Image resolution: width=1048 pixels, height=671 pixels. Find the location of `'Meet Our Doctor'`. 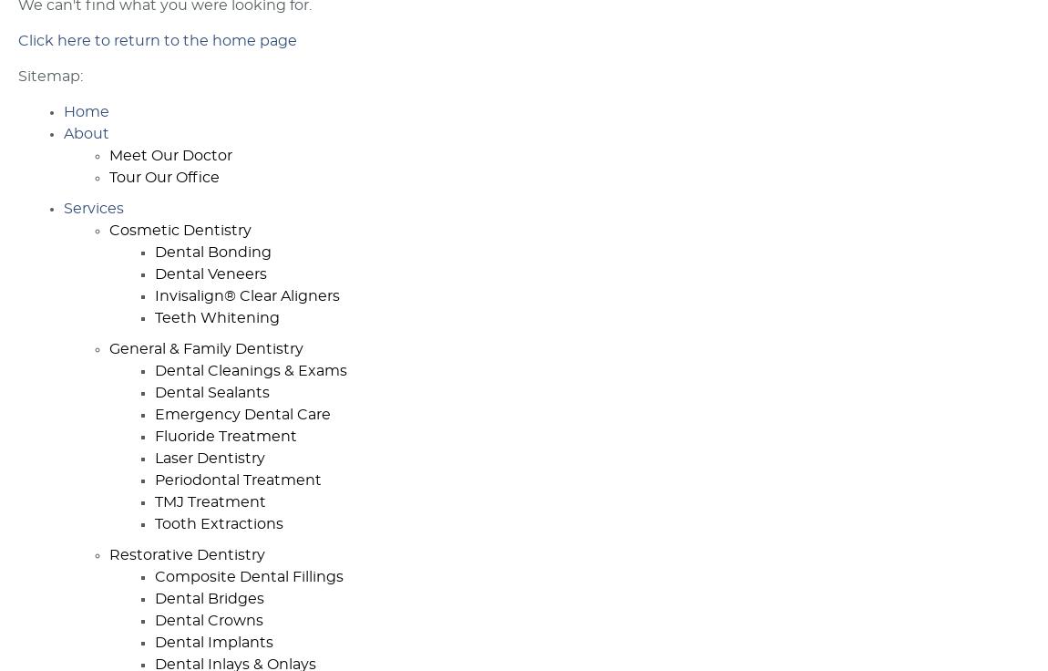

'Meet Our Doctor' is located at coordinates (170, 155).